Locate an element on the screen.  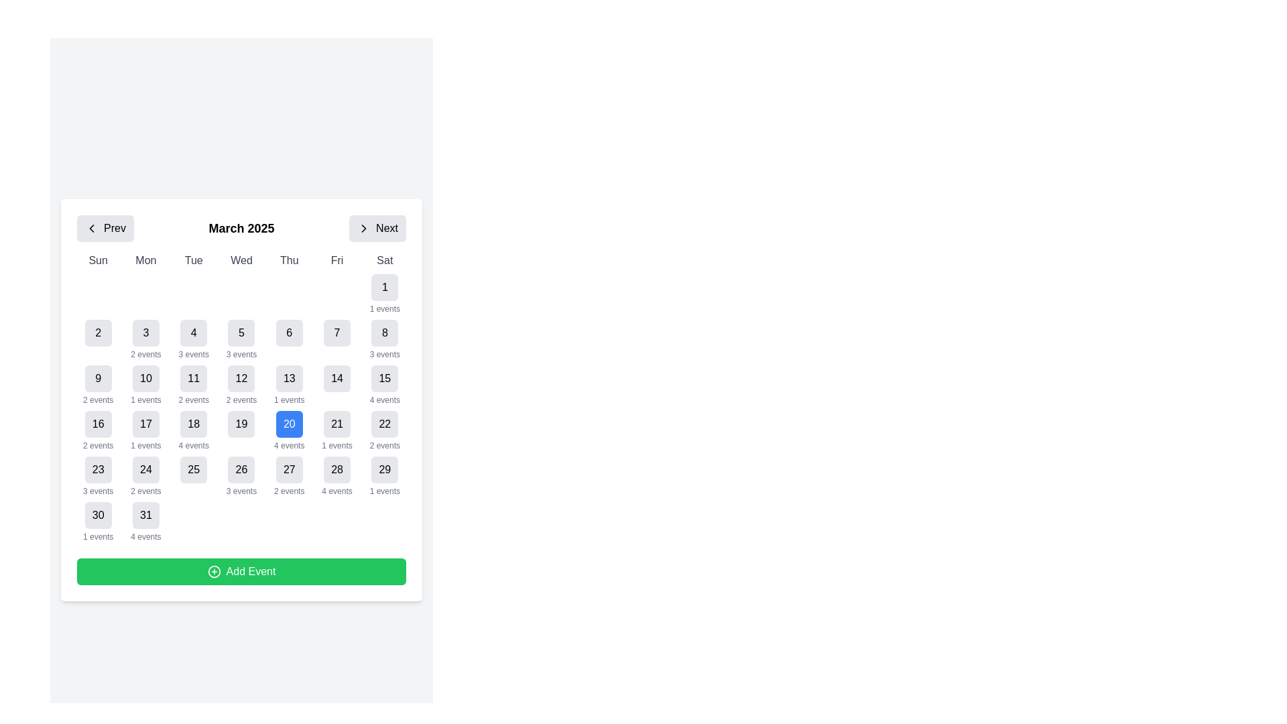
the calendar day button marked with the number '25' is located at coordinates (193, 469).